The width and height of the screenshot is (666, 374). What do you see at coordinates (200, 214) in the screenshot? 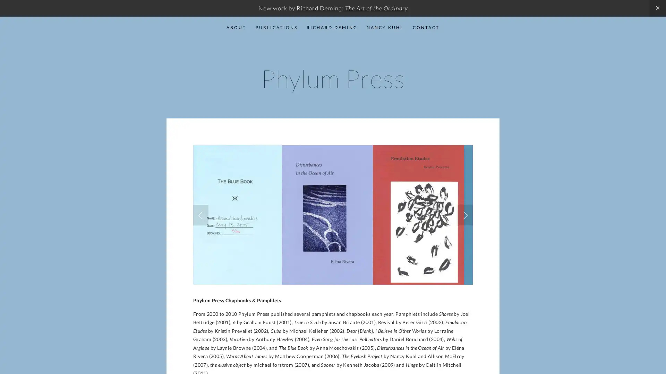
I see `Previous Slide` at bounding box center [200, 214].